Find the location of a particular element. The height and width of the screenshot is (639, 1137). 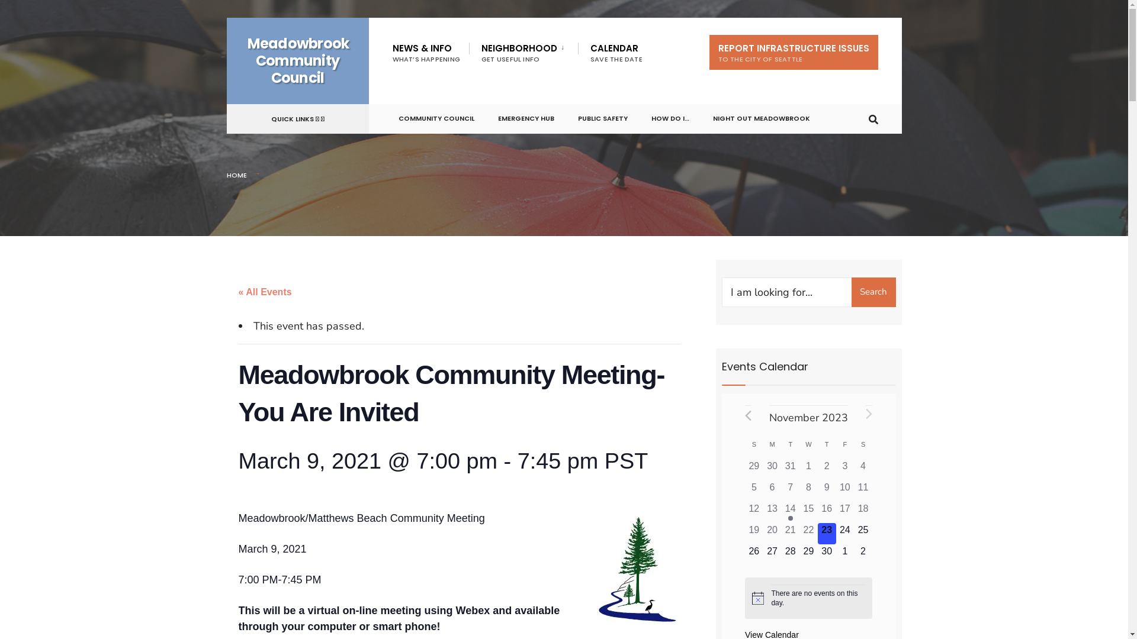

'Has events' is located at coordinates (790, 517).